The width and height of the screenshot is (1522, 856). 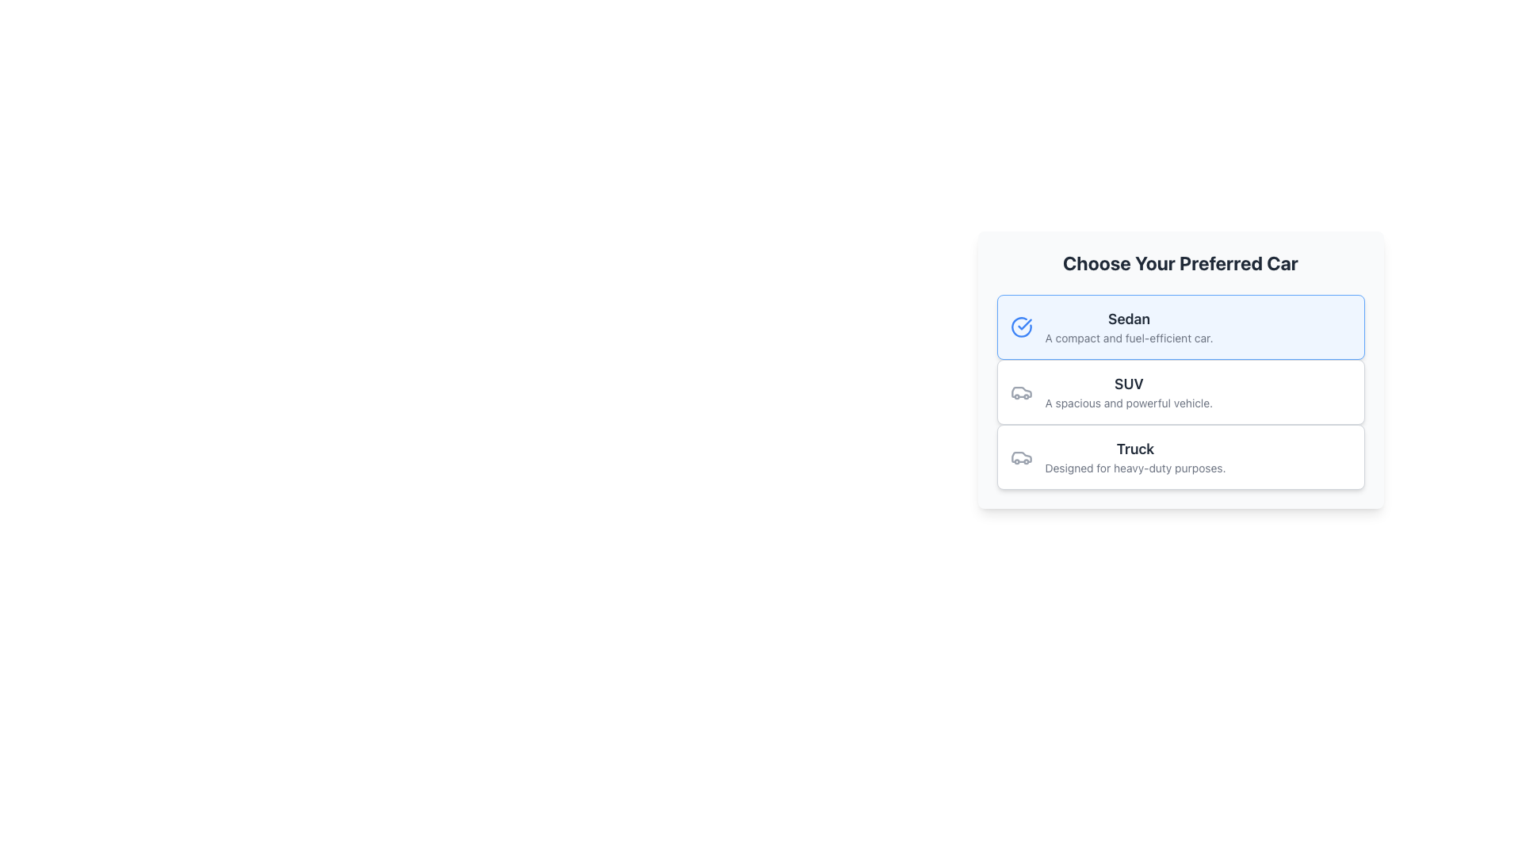 I want to click on the text element styled in small, light gray font, located below the title 'Sedan', which describes 'A compact and fuel-efficient car.', so click(x=1128, y=338).